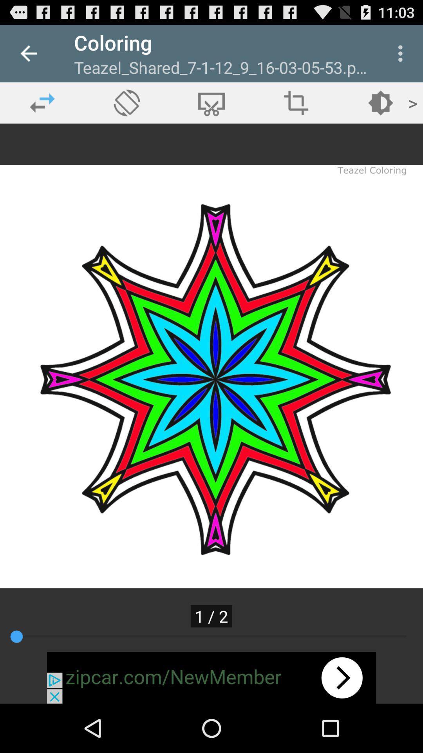  Describe the element at coordinates (380, 102) in the screenshot. I see `brightness setting` at that location.